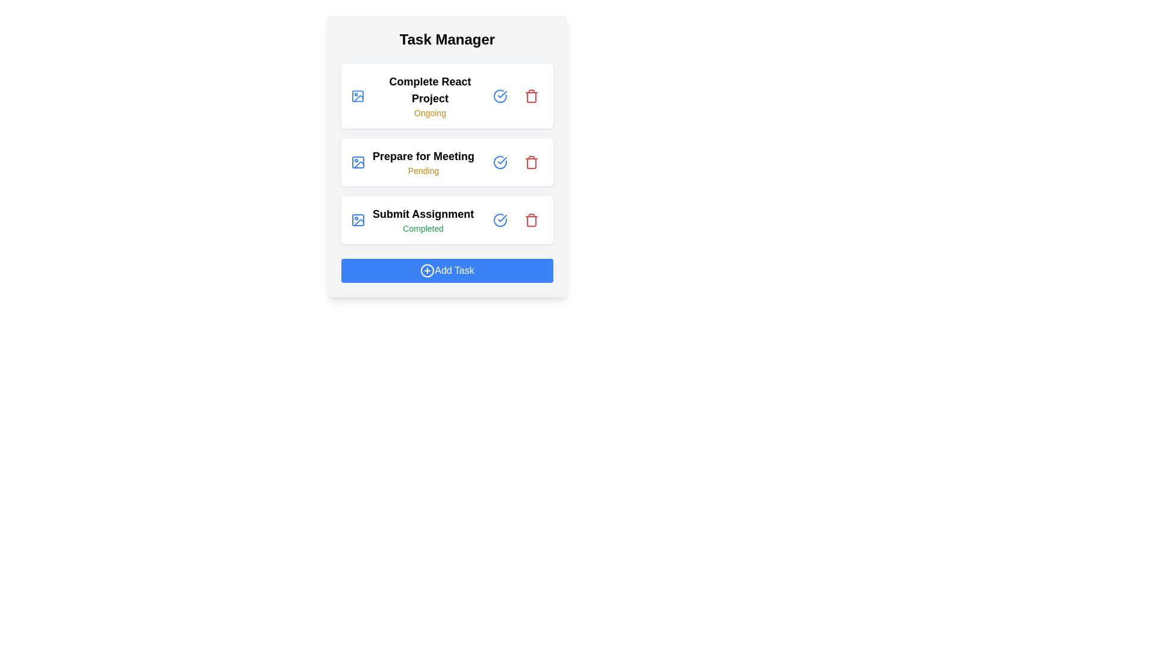  What do you see at coordinates (447, 271) in the screenshot?
I see `the 'Add Task' button to add a new task` at bounding box center [447, 271].